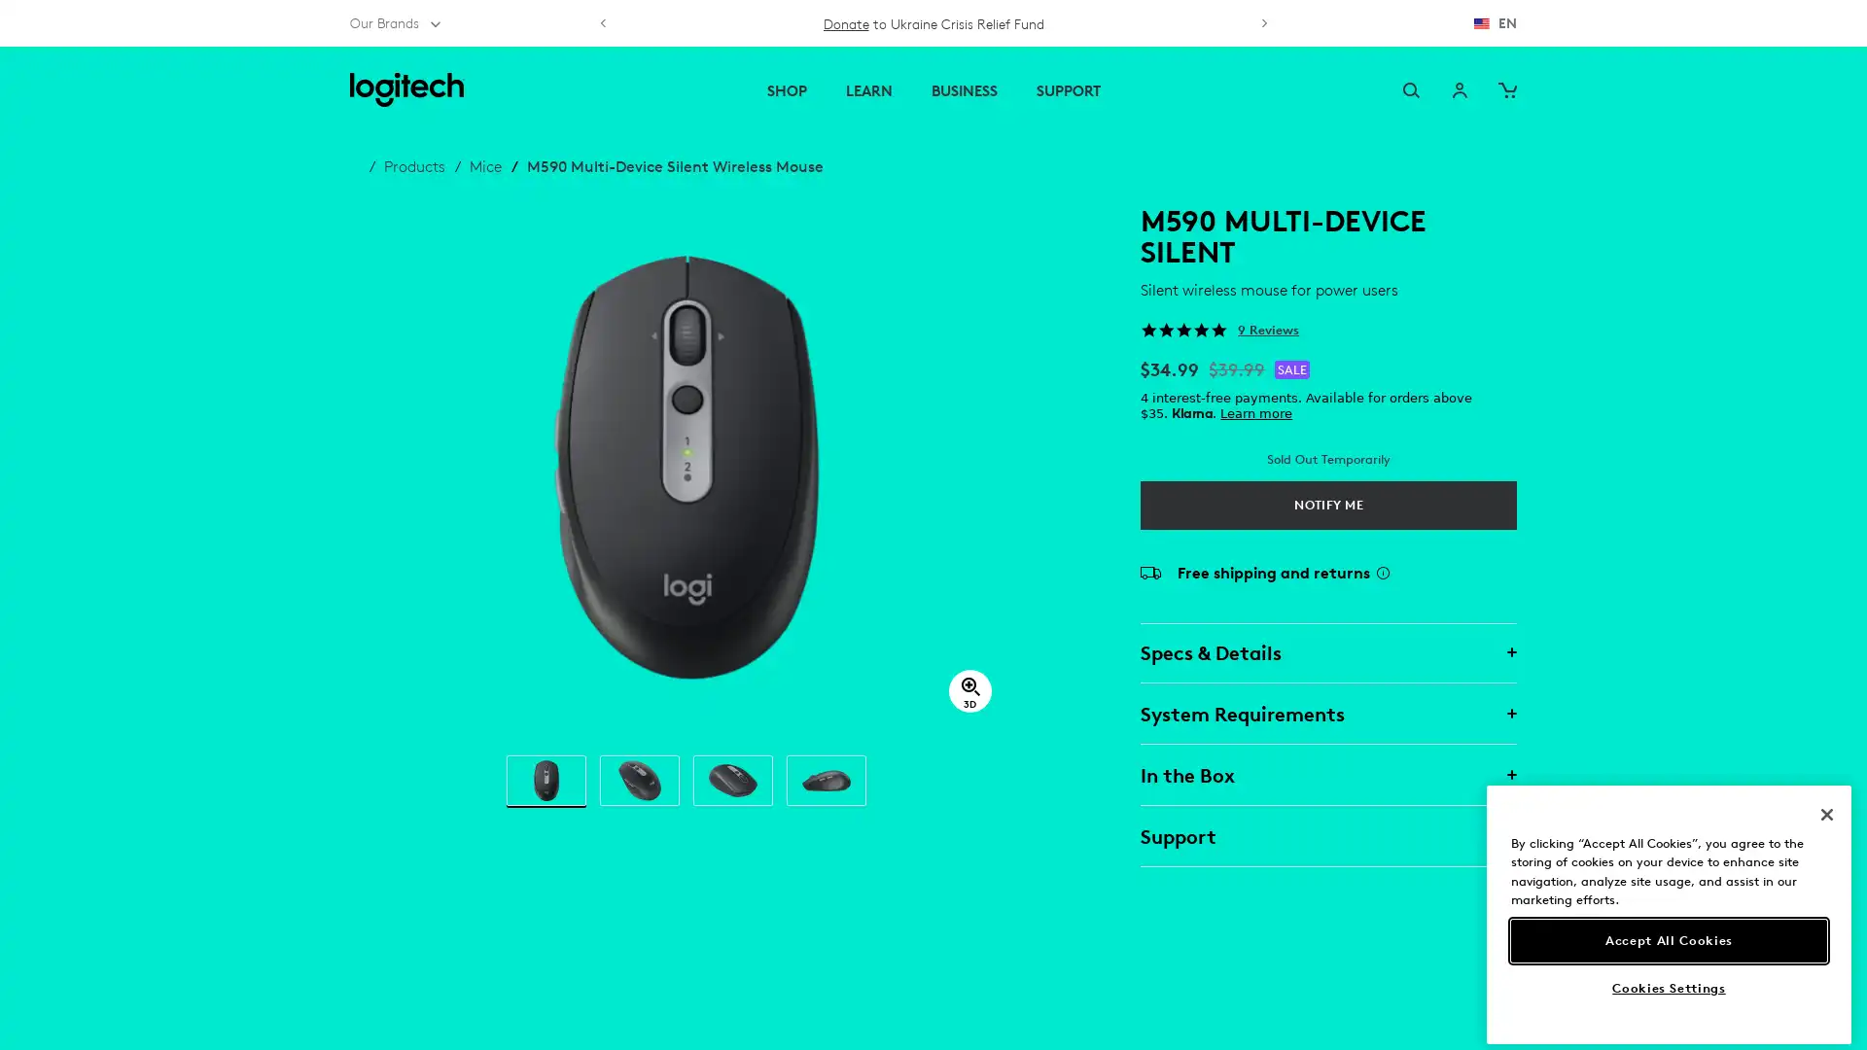 The image size is (1867, 1050). What do you see at coordinates (1668, 935) in the screenshot?
I see `Accept All Cookies` at bounding box center [1668, 935].